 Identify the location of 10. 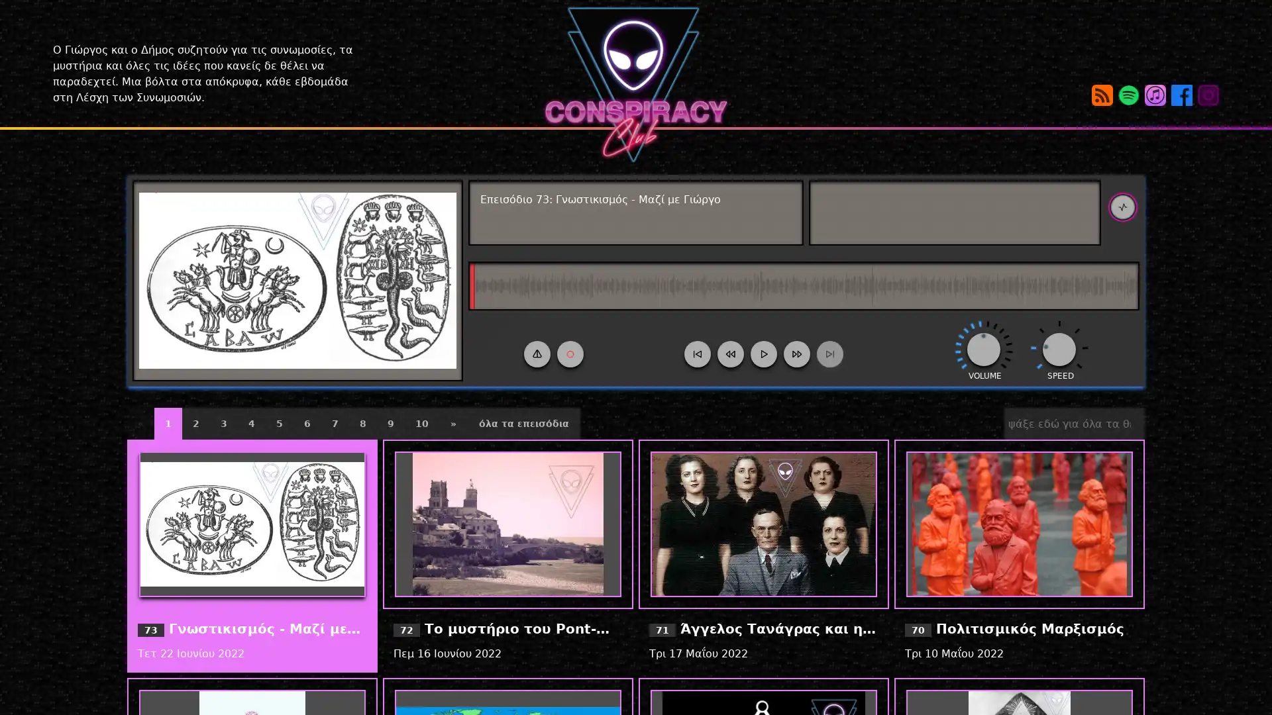
(421, 424).